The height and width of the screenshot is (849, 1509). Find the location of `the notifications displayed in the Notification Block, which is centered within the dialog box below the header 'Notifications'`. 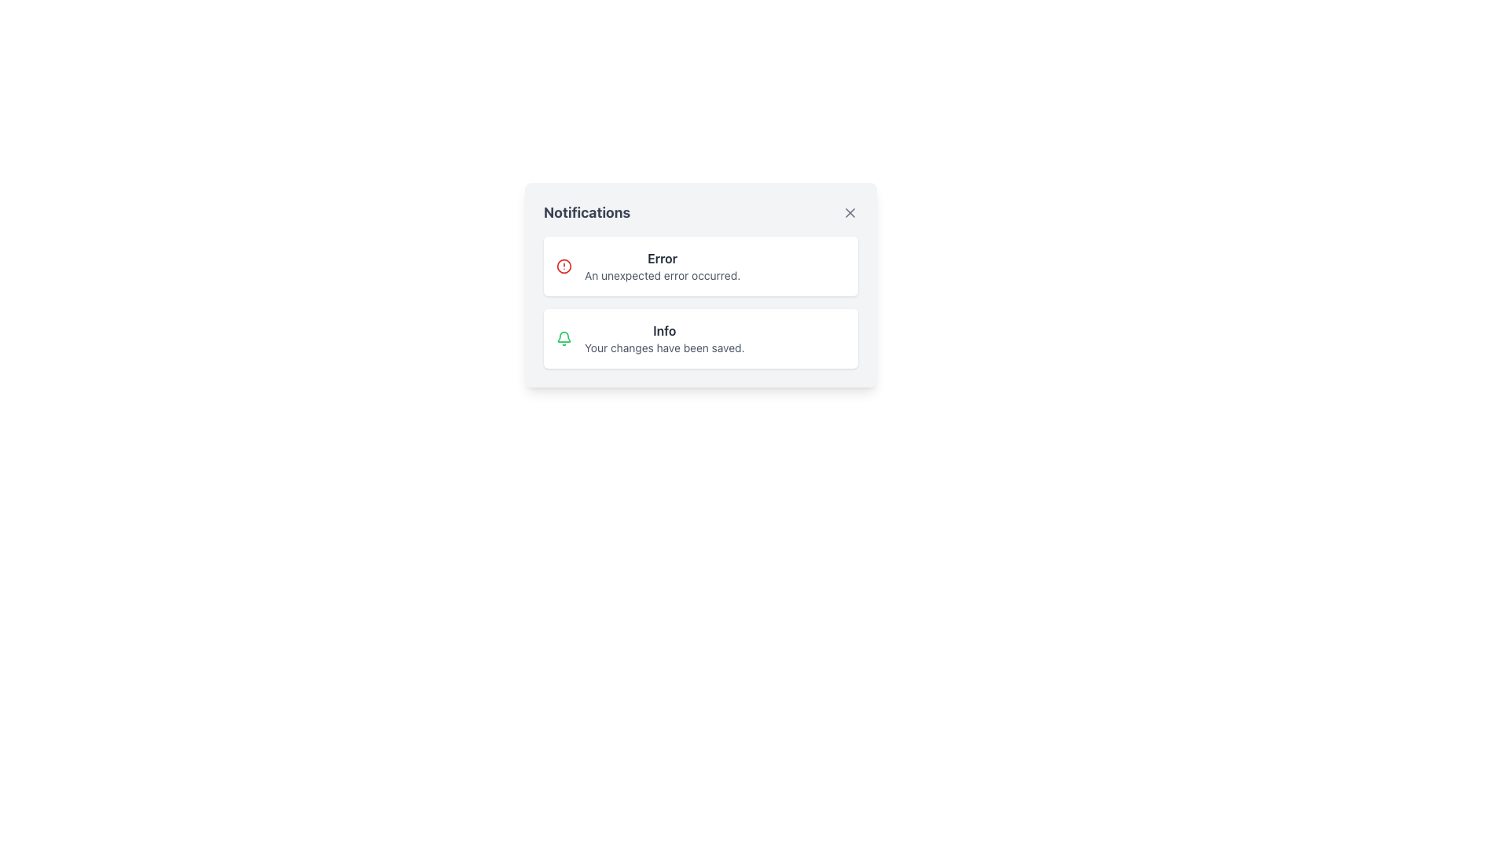

the notifications displayed in the Notification Block, which is centered within the dialog box below the header 'Notifications' is located at coordinates (700, 303).